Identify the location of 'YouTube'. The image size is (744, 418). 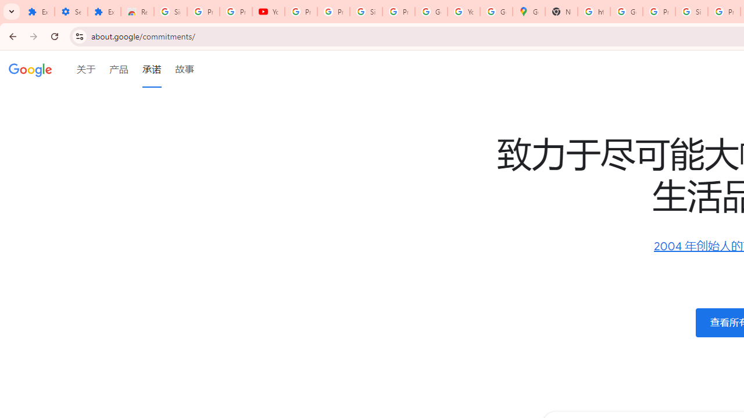
(268, 12).